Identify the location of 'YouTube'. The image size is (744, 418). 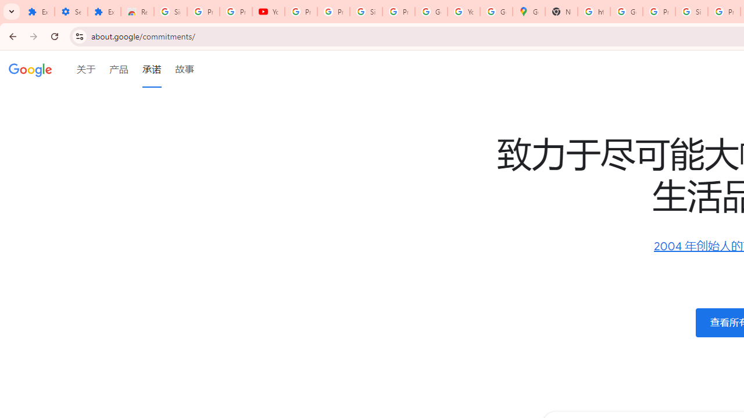
(268, 12).